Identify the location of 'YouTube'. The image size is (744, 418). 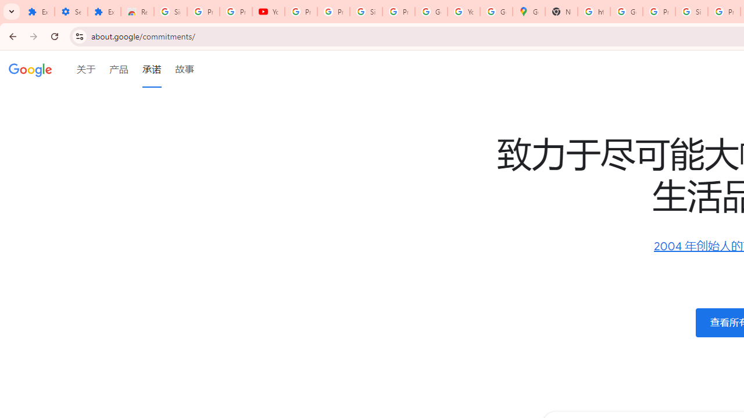
(268, 12).